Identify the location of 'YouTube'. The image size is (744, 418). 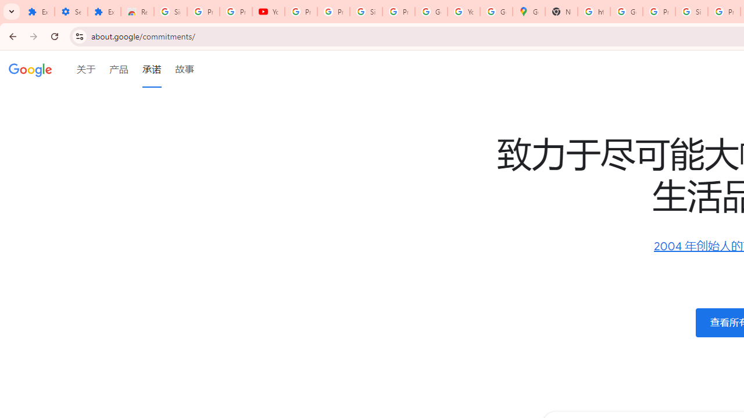
(268, 12).